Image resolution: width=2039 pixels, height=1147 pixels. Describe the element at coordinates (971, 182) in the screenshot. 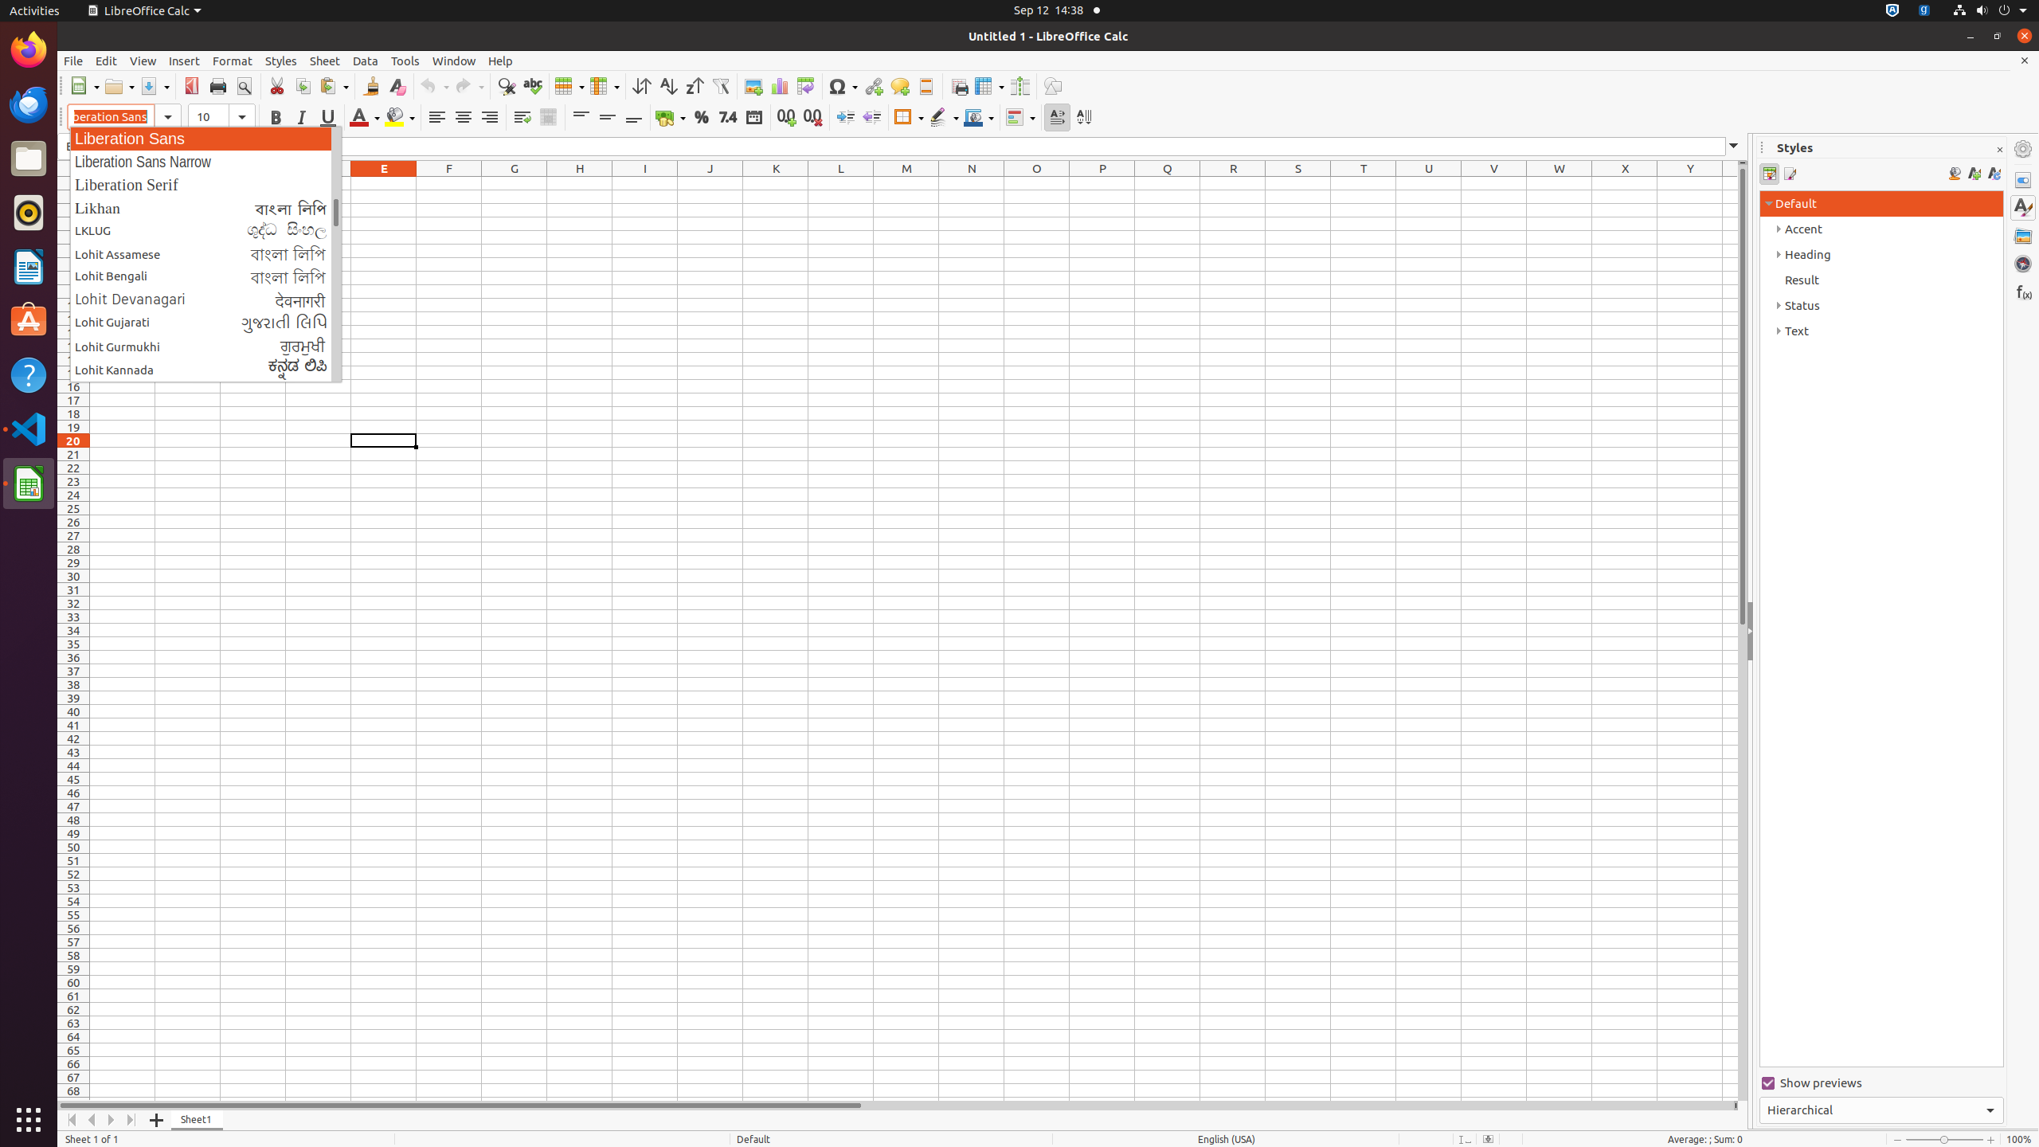

I see `'N1'` at that location.